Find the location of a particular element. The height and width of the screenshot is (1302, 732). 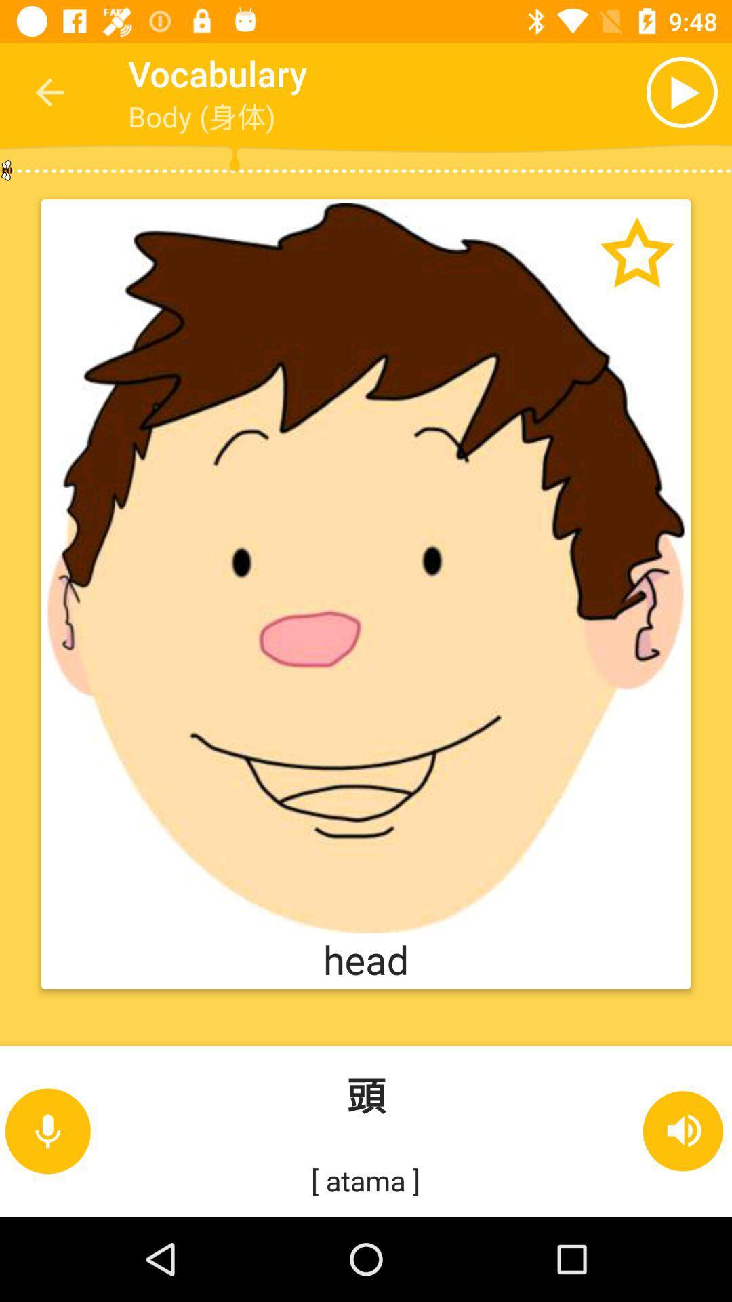

the play icon is located at coordinates (628, 92).